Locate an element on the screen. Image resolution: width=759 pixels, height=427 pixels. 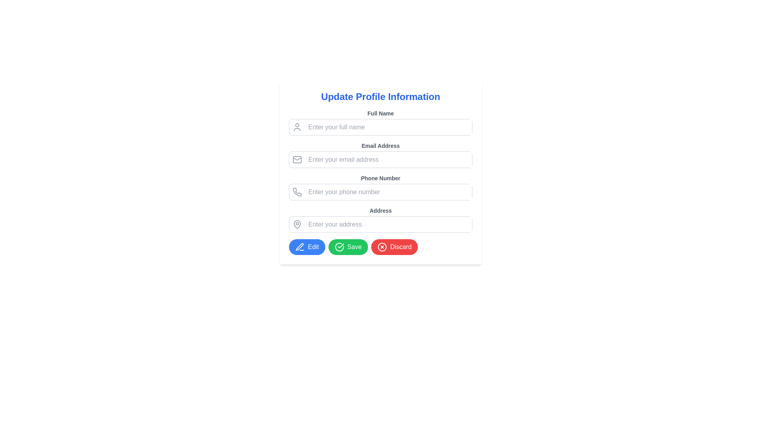
the phone number input field to focus it, which is the third input field in the form located below the 'Email Address' field and above the 'Address' field is located at coordinates (389, 192).